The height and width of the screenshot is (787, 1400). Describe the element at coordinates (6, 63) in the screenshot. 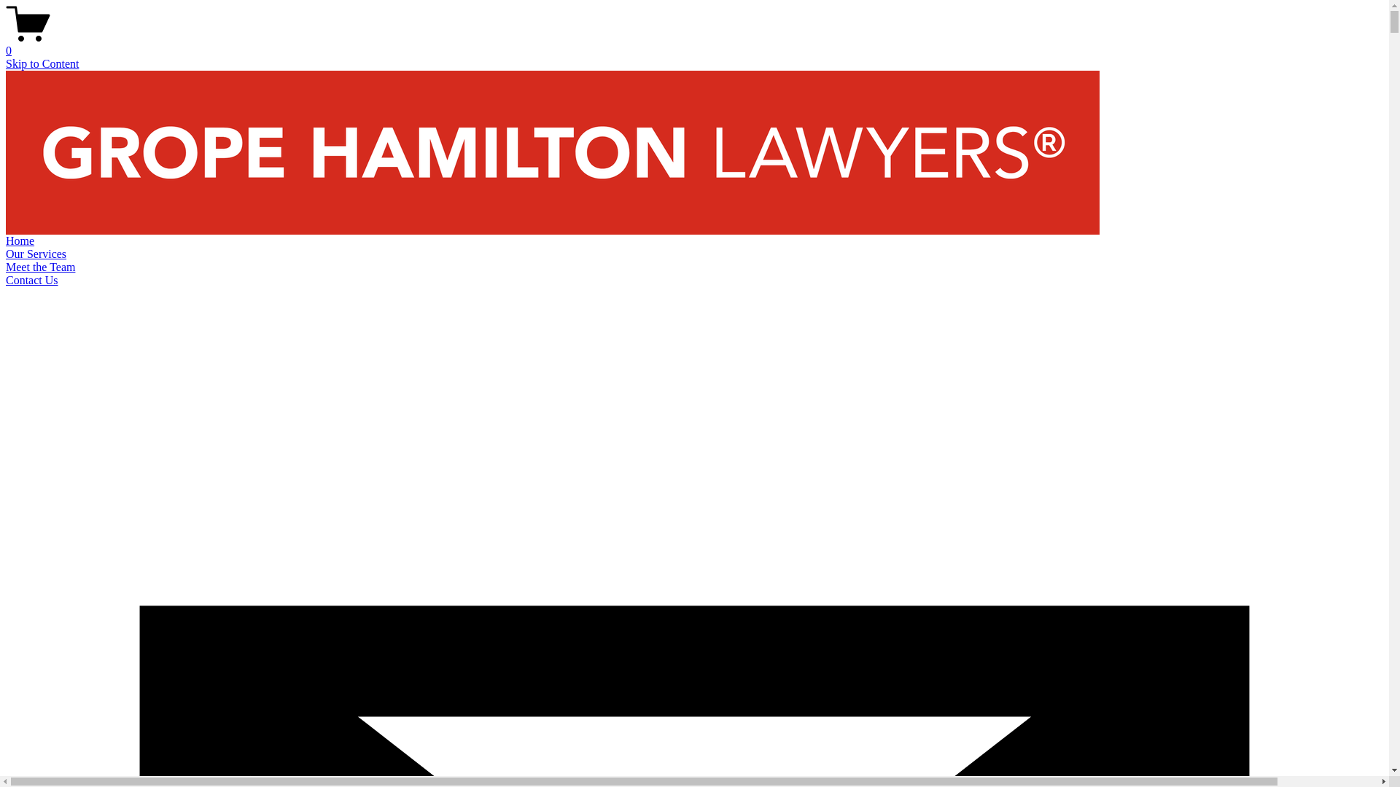

I see `'Skip to Content'` at that location.